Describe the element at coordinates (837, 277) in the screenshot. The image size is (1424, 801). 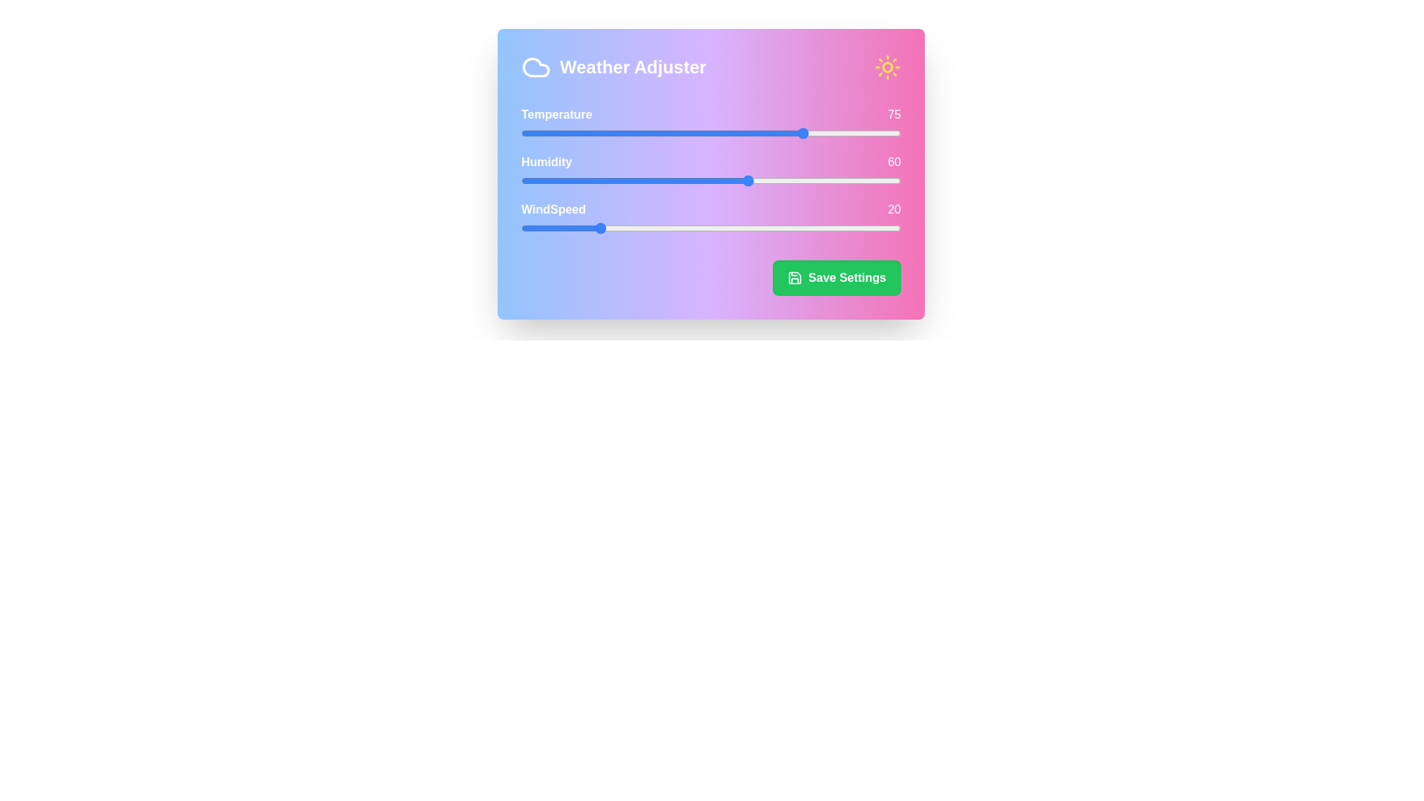
I see `the distinct green 'Save Settings' button with a disk icon located at the bottom-right section of the 'Weather Adjuster' control interface` at that location.